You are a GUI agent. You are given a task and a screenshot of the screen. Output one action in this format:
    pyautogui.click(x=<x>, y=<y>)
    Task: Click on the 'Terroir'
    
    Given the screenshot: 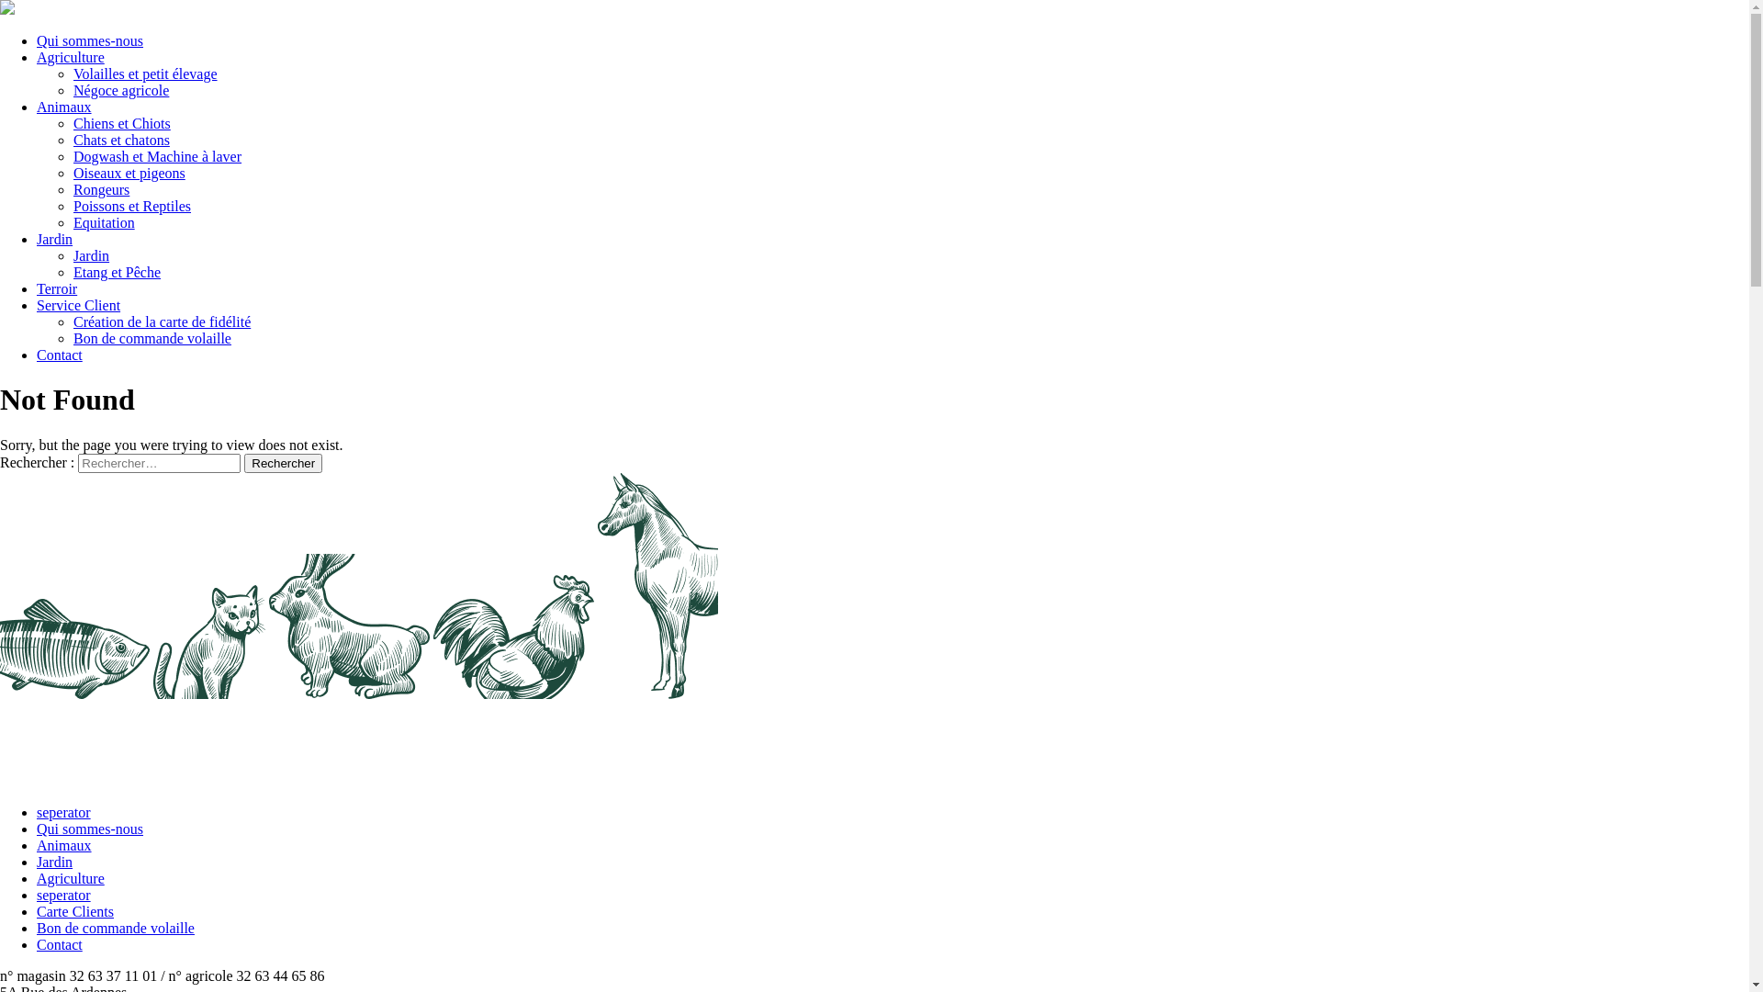 What is the action you would take?
    pyautogui.click(x=57, y=288)
    